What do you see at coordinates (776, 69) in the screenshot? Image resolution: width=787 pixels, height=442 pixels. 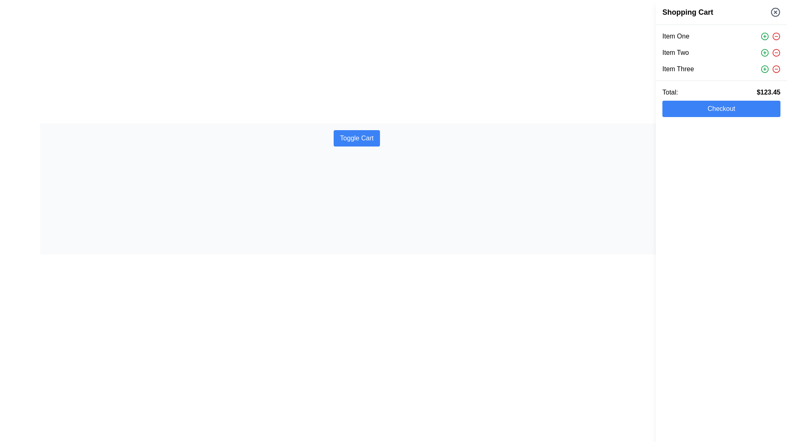 I see `the circular button adjacent to 'Item Three' in the shopping cart` at bounding box center [776, 69].